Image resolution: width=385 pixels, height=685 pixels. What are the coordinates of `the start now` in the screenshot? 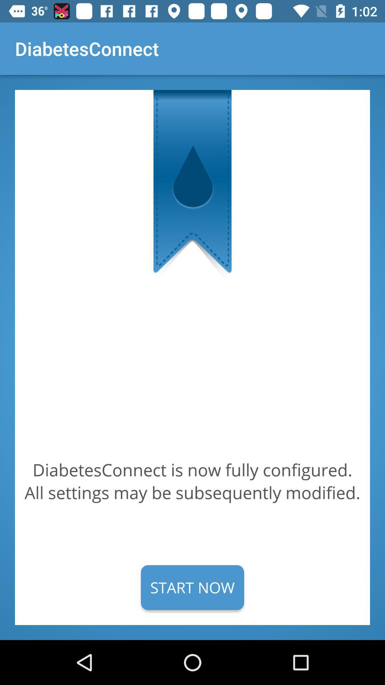 It's located at (192, 587).